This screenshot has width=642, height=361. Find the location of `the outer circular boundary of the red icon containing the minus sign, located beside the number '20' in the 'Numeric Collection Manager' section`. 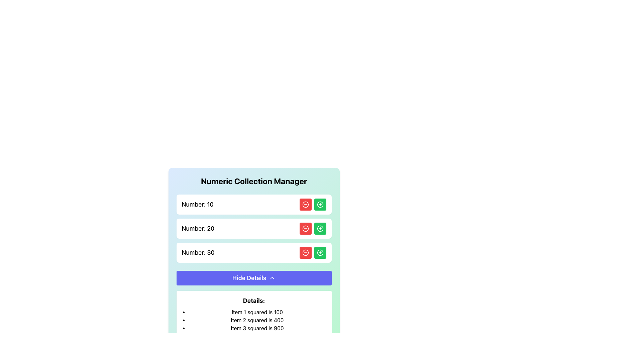

the outer circular boundary of the red icon containing the minus sign, located beside the number '20' in the 'Numeric Collection Manager' section is located at coordinates (305, 228).